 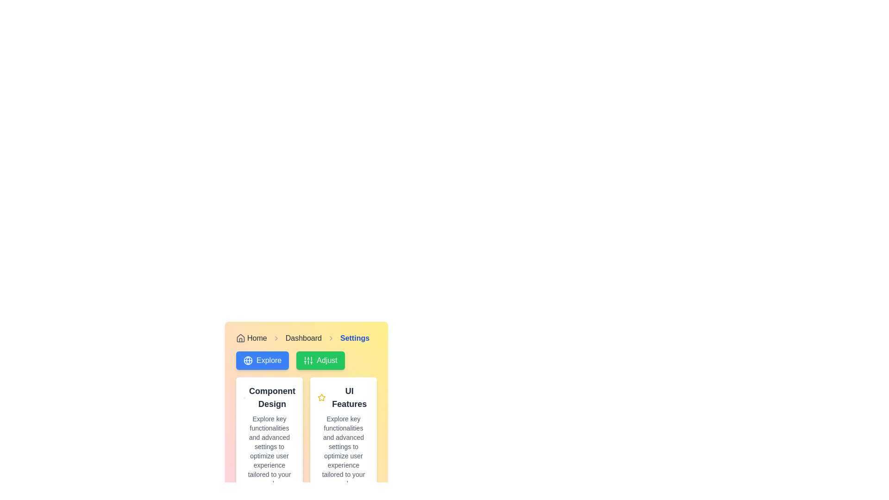 I want to click on the blue 'Explore' button with rounded corners and a globe icon, so click(x=262, y=360).